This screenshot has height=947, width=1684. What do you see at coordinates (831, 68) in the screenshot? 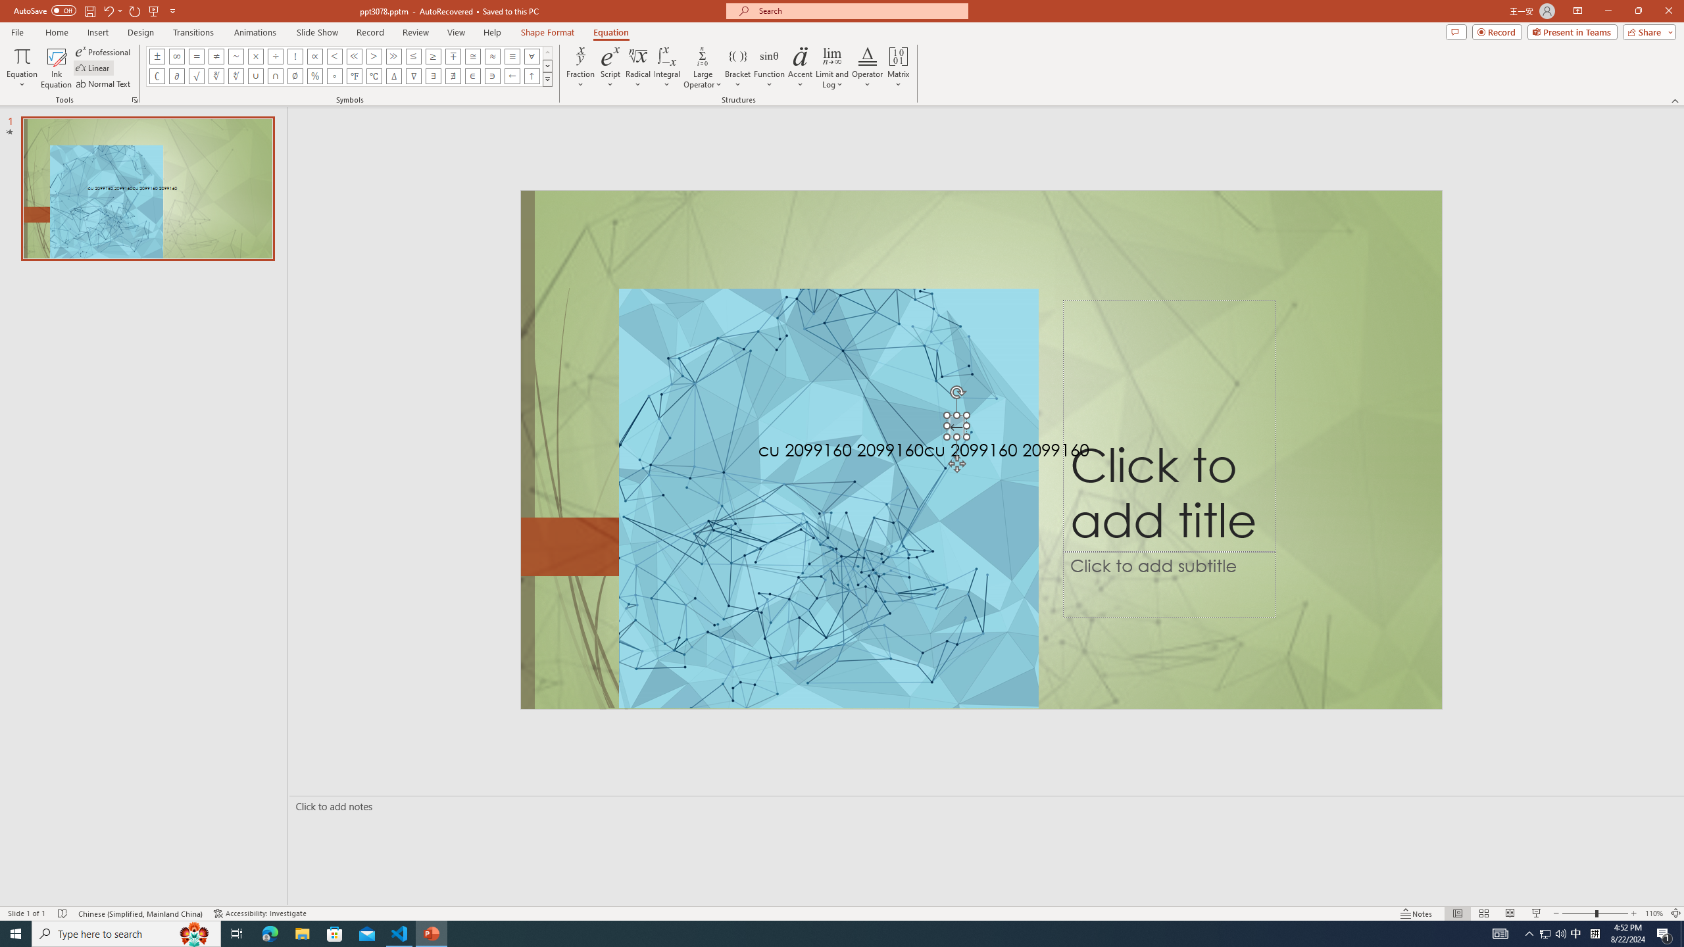
I see `'Limit and Log'` at bounding box center [831, 68].